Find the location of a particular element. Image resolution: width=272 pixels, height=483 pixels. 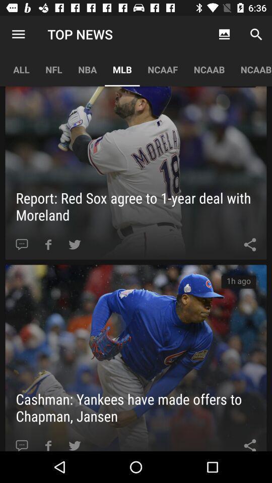

icon to the left of the ncaab app is located at coordinates (163, 69).